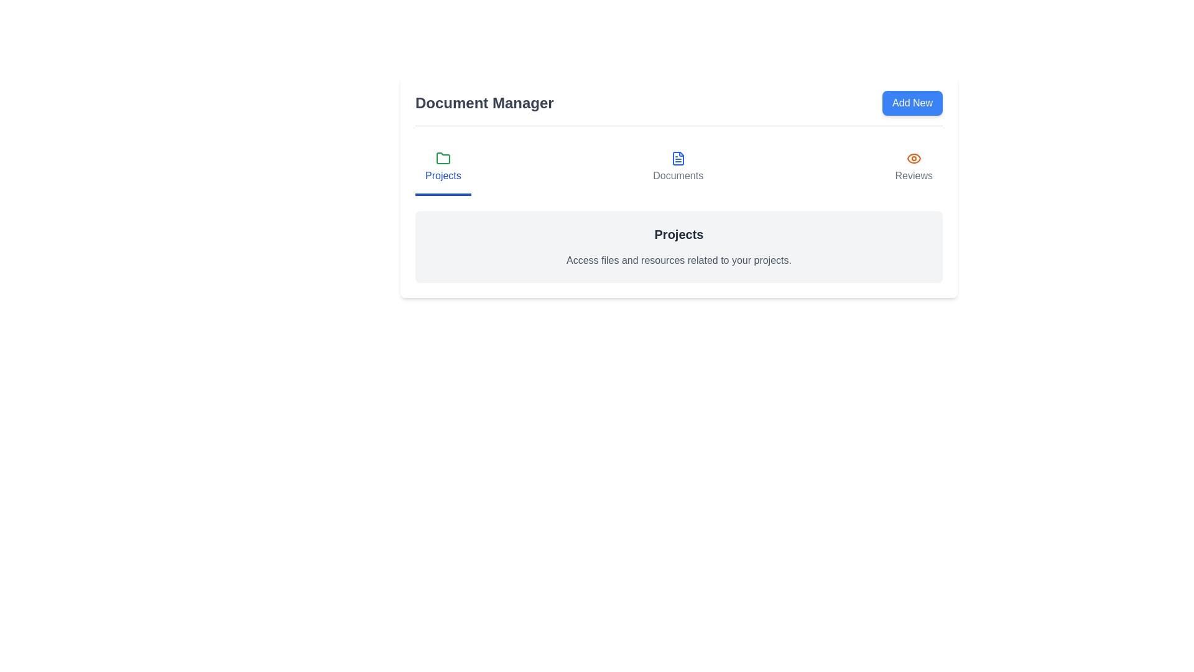 The image size is (1194, 672). Describe the element at coordinates (912, 102) in the screenshot. I see `'Add New' button` at that location.